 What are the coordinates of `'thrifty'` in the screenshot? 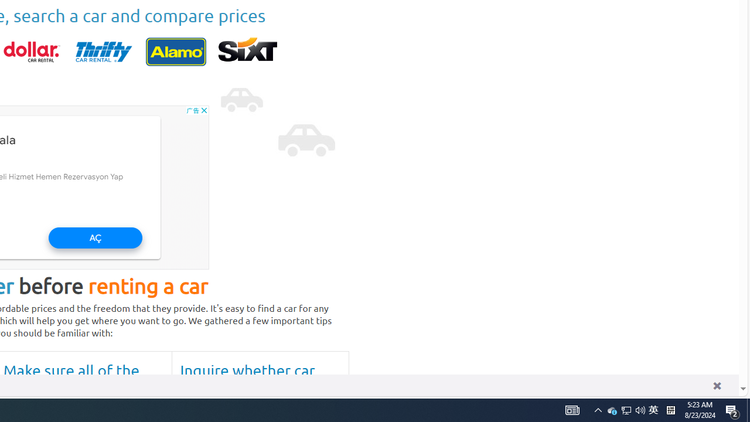 It's located at (104, 51).